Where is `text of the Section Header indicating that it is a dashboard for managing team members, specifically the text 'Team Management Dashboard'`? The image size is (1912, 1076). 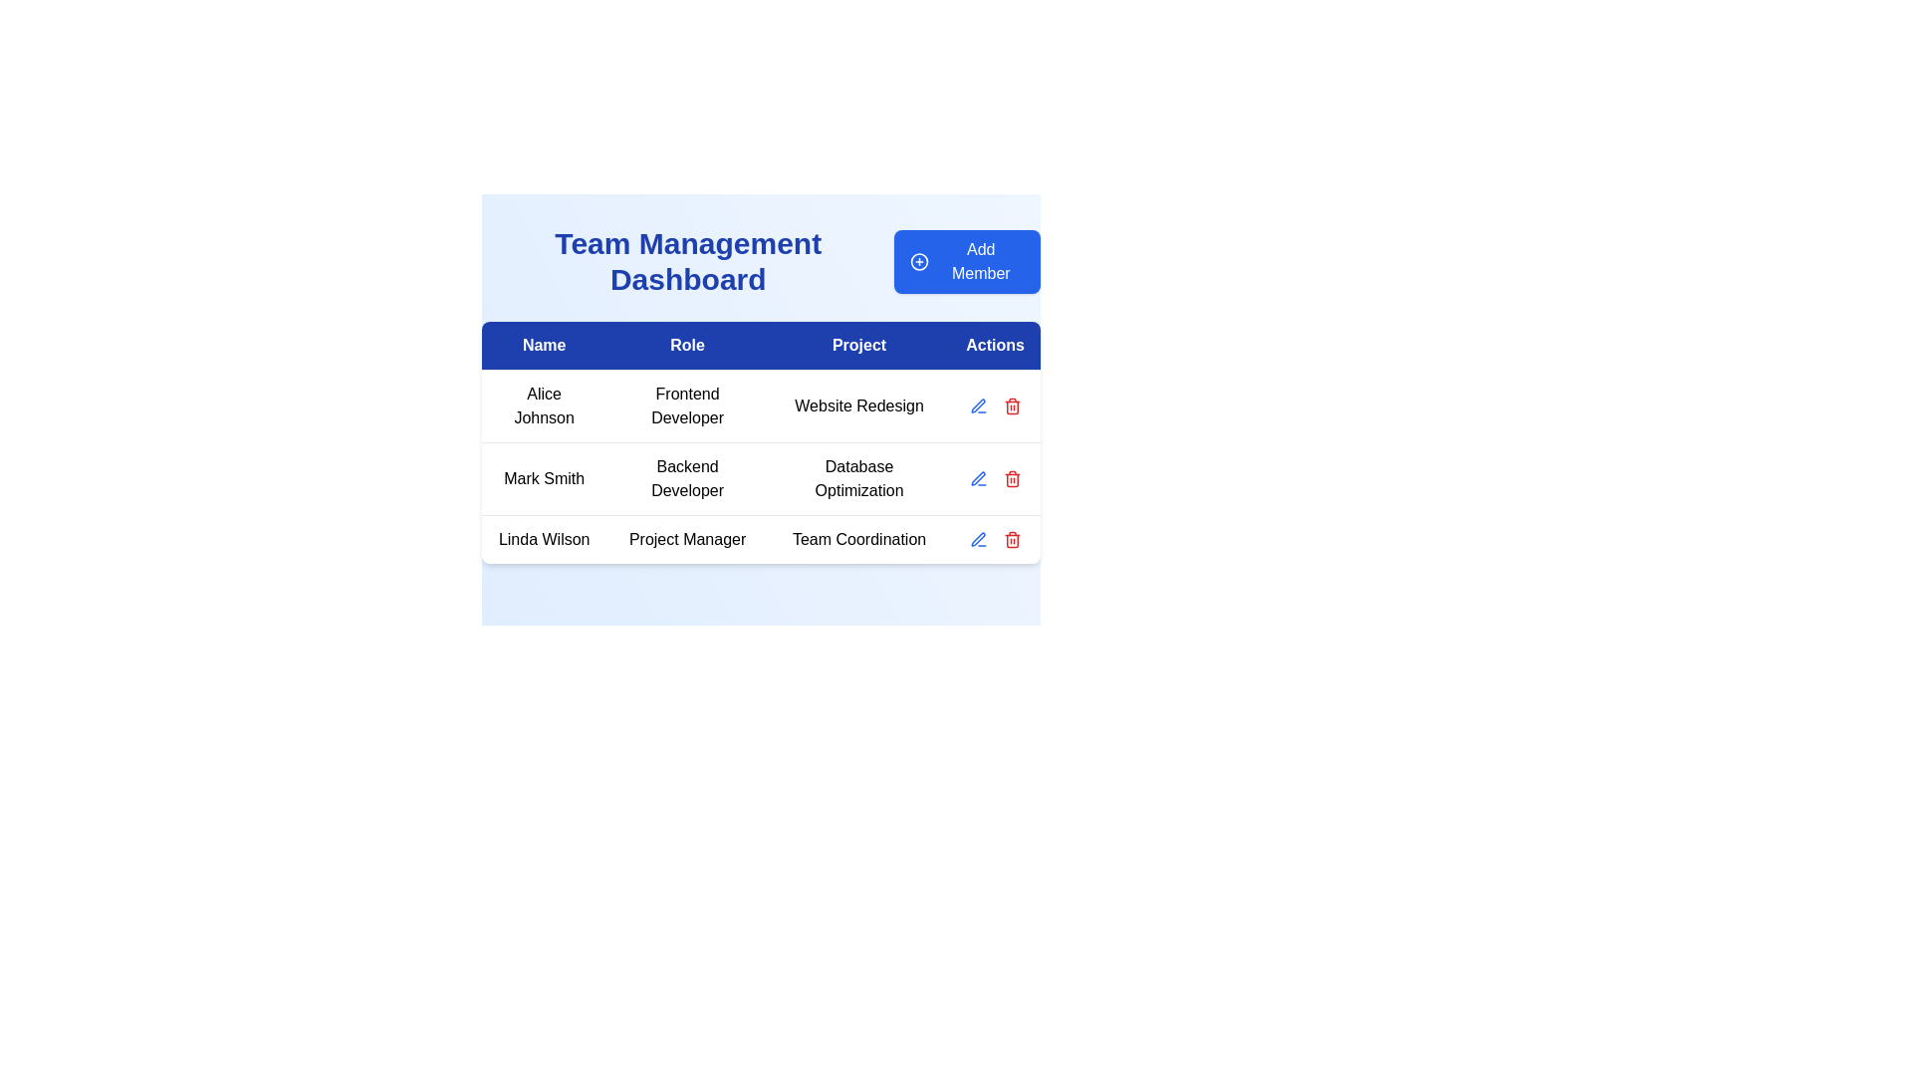
text of the Section Header indicating that it is a dashboard for managing team members, specifically the text 'Team Management Dashboard' is located at coordinates (760, 260).